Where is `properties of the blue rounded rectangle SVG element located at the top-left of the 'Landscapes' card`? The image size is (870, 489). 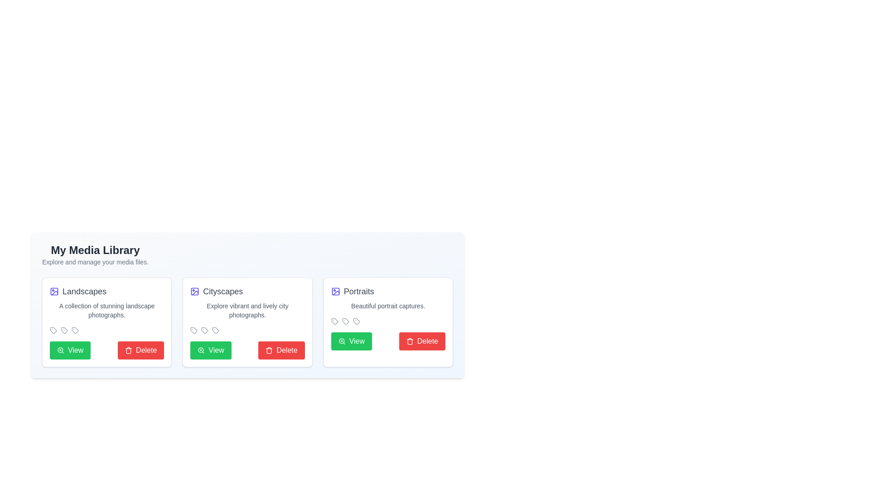
properties of the blue rounded rectangle SVG element located at the top-left of the 'Landscapes' card is located at coordinates (54, 292).